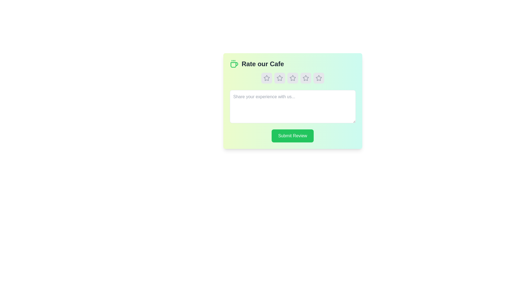 The height and width of the screenshot is (293, 521). What do you see at coordinates (292, 78) in the screenshot?
I see `the cafe rating to 3 stars by clicking the corresponding star` at bounding box center [292, 78].